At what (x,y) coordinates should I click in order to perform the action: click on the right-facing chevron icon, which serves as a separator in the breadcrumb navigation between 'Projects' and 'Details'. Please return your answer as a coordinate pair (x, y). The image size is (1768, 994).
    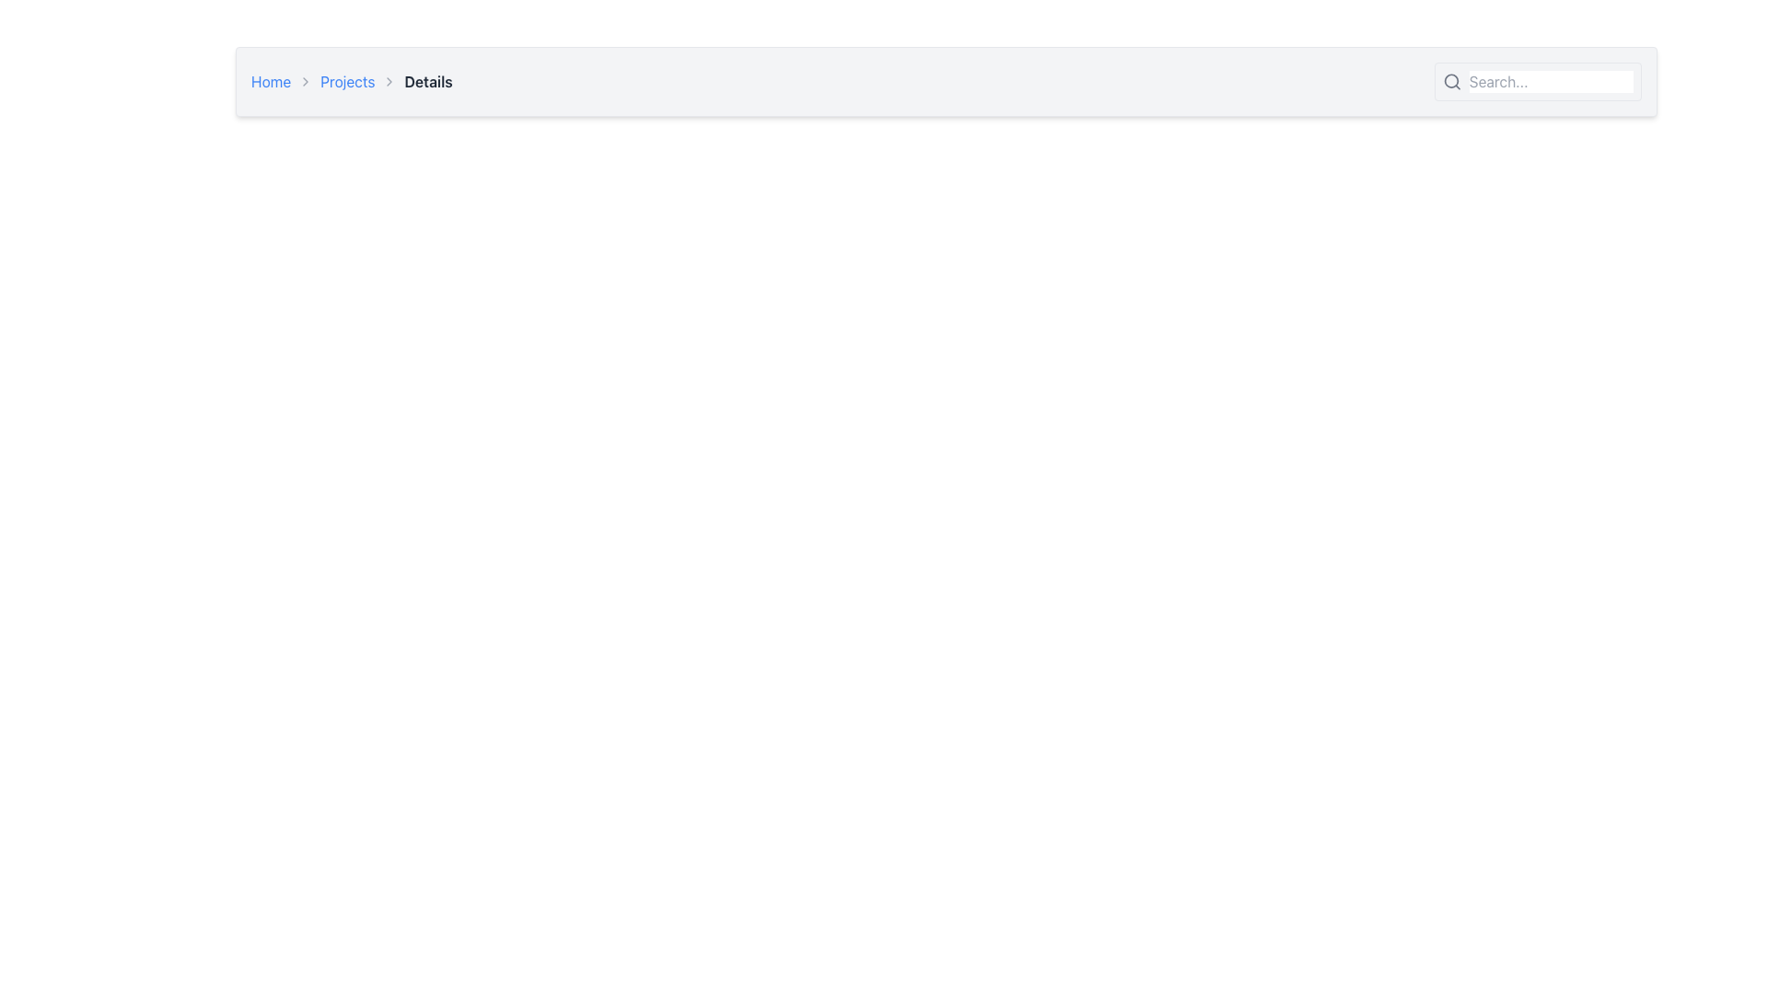
    Looking at the image, I should click on (389, 80).